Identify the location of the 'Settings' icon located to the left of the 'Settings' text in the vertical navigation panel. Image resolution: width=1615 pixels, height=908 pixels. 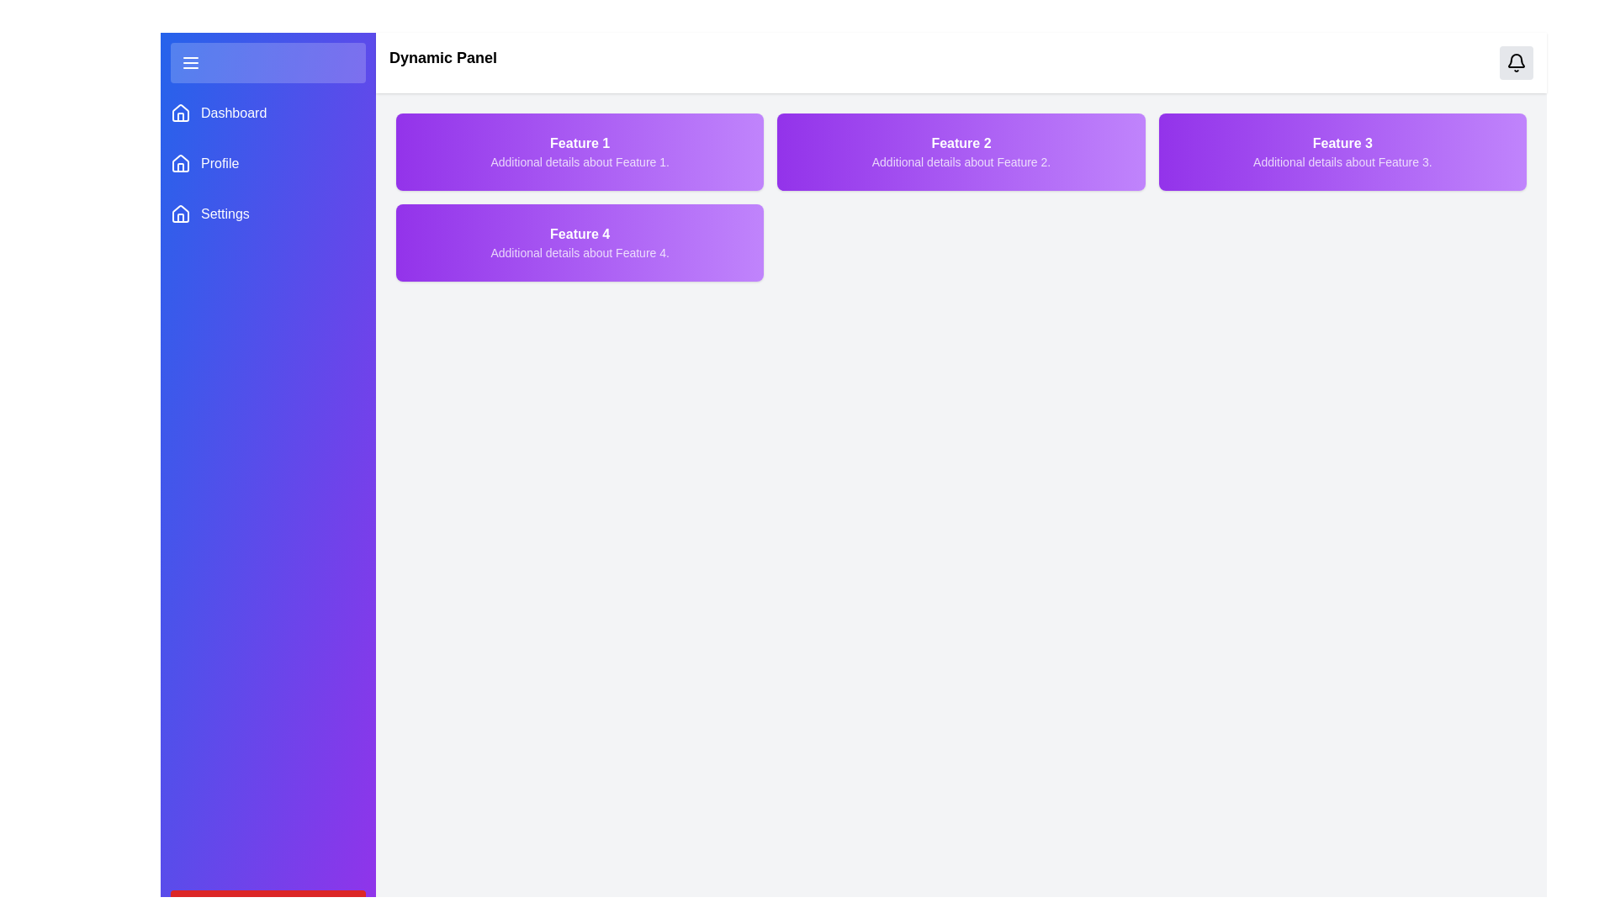
(181, 213).